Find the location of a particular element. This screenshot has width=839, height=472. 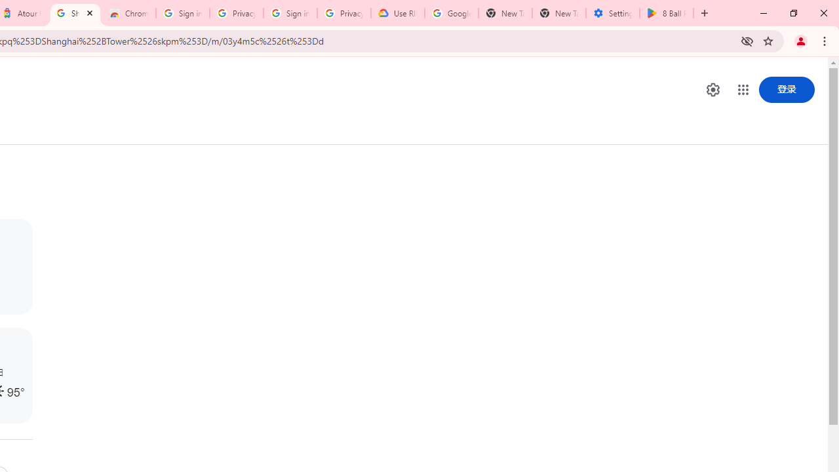

'8 Ball Pool - Apps on Google Play' is located at coordinates (666, 13).